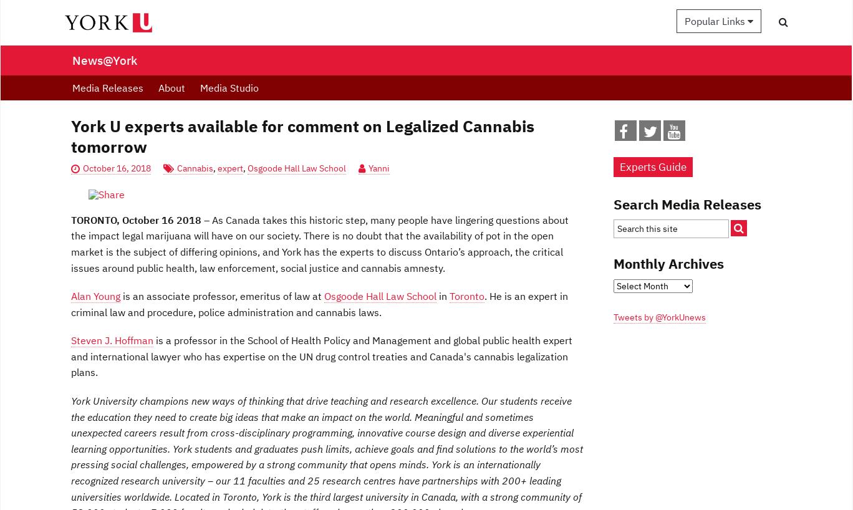  I want to click on 'Toronto', so click(466, 296).